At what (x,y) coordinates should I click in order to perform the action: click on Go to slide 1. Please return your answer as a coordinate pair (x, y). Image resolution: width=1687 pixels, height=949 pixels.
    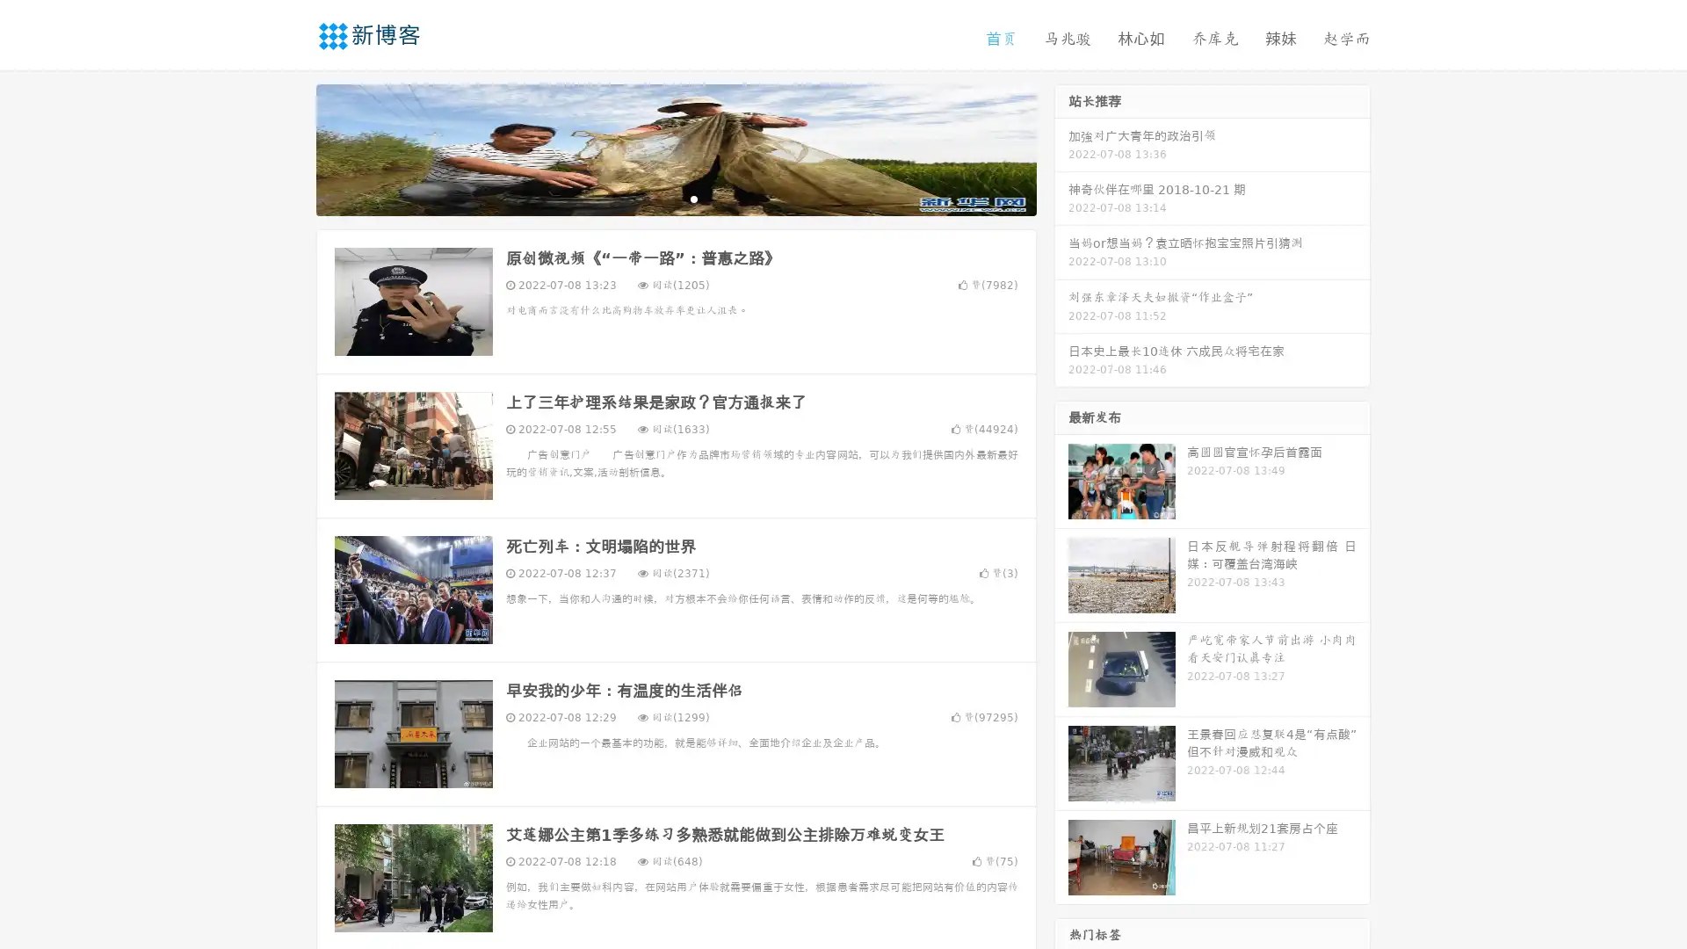
    Looking at the image, I should click on (657, 198).